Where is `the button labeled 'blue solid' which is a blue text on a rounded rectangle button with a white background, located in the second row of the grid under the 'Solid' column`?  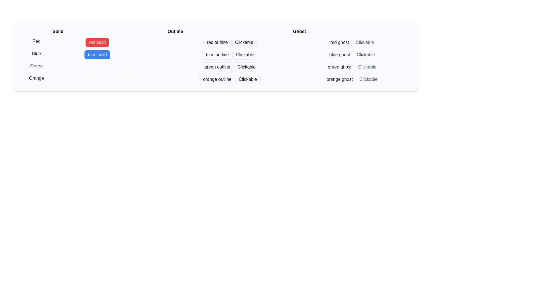
the button labeled 'blue solid' which is a blue text on a rounded rectangle button with a white background, located in the second row of the grid under the 'Solid' column is located at coordinates (110, 54).